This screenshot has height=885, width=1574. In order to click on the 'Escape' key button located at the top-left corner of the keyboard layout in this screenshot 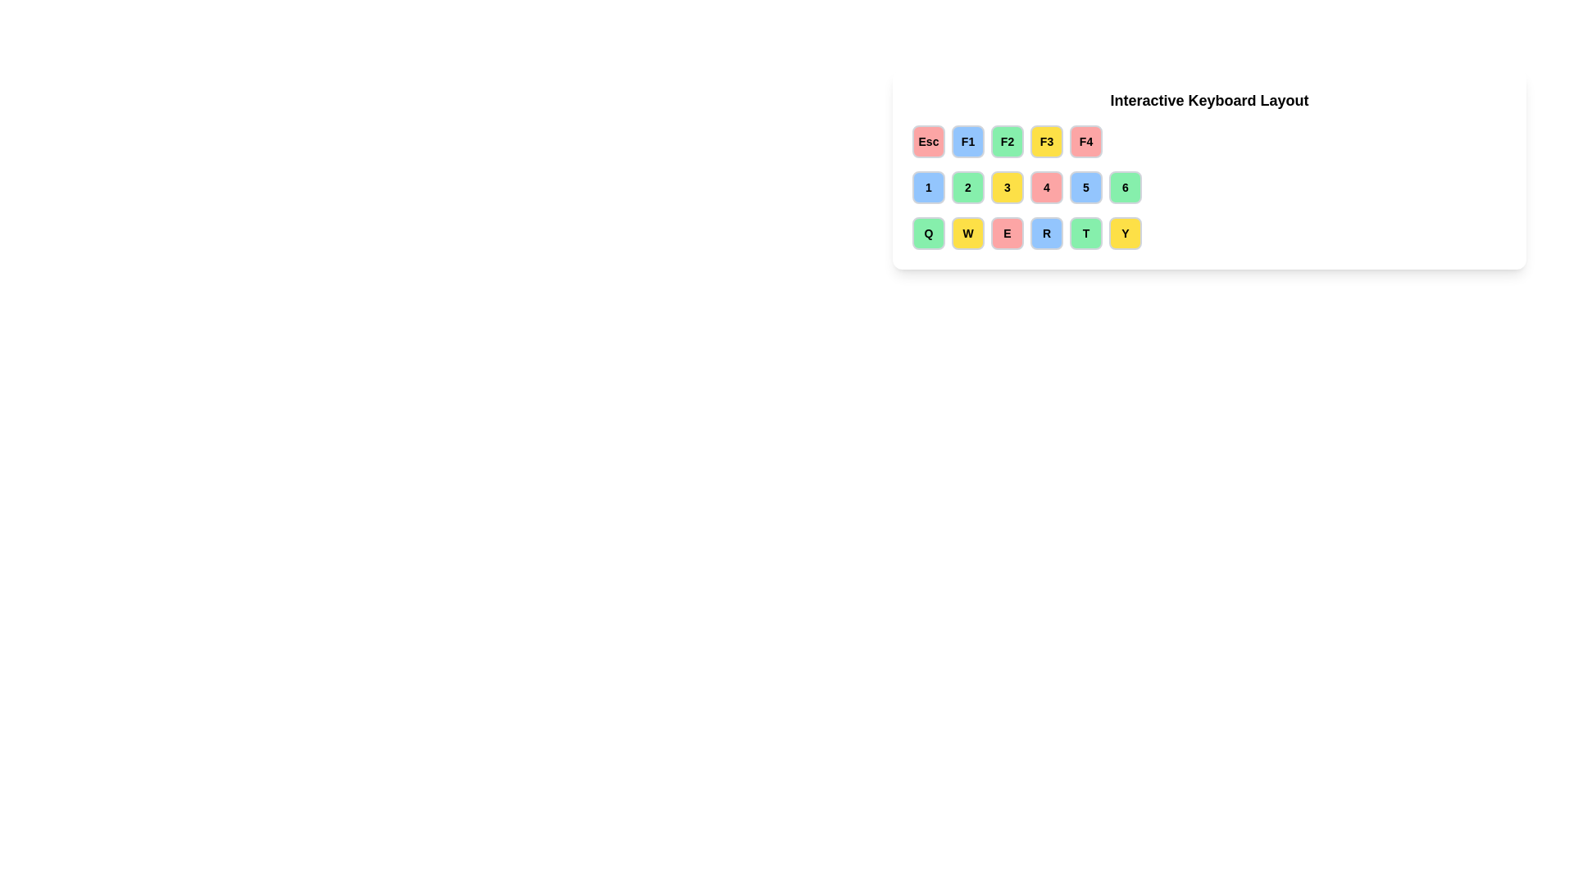, I will do `click(928, 141)`.